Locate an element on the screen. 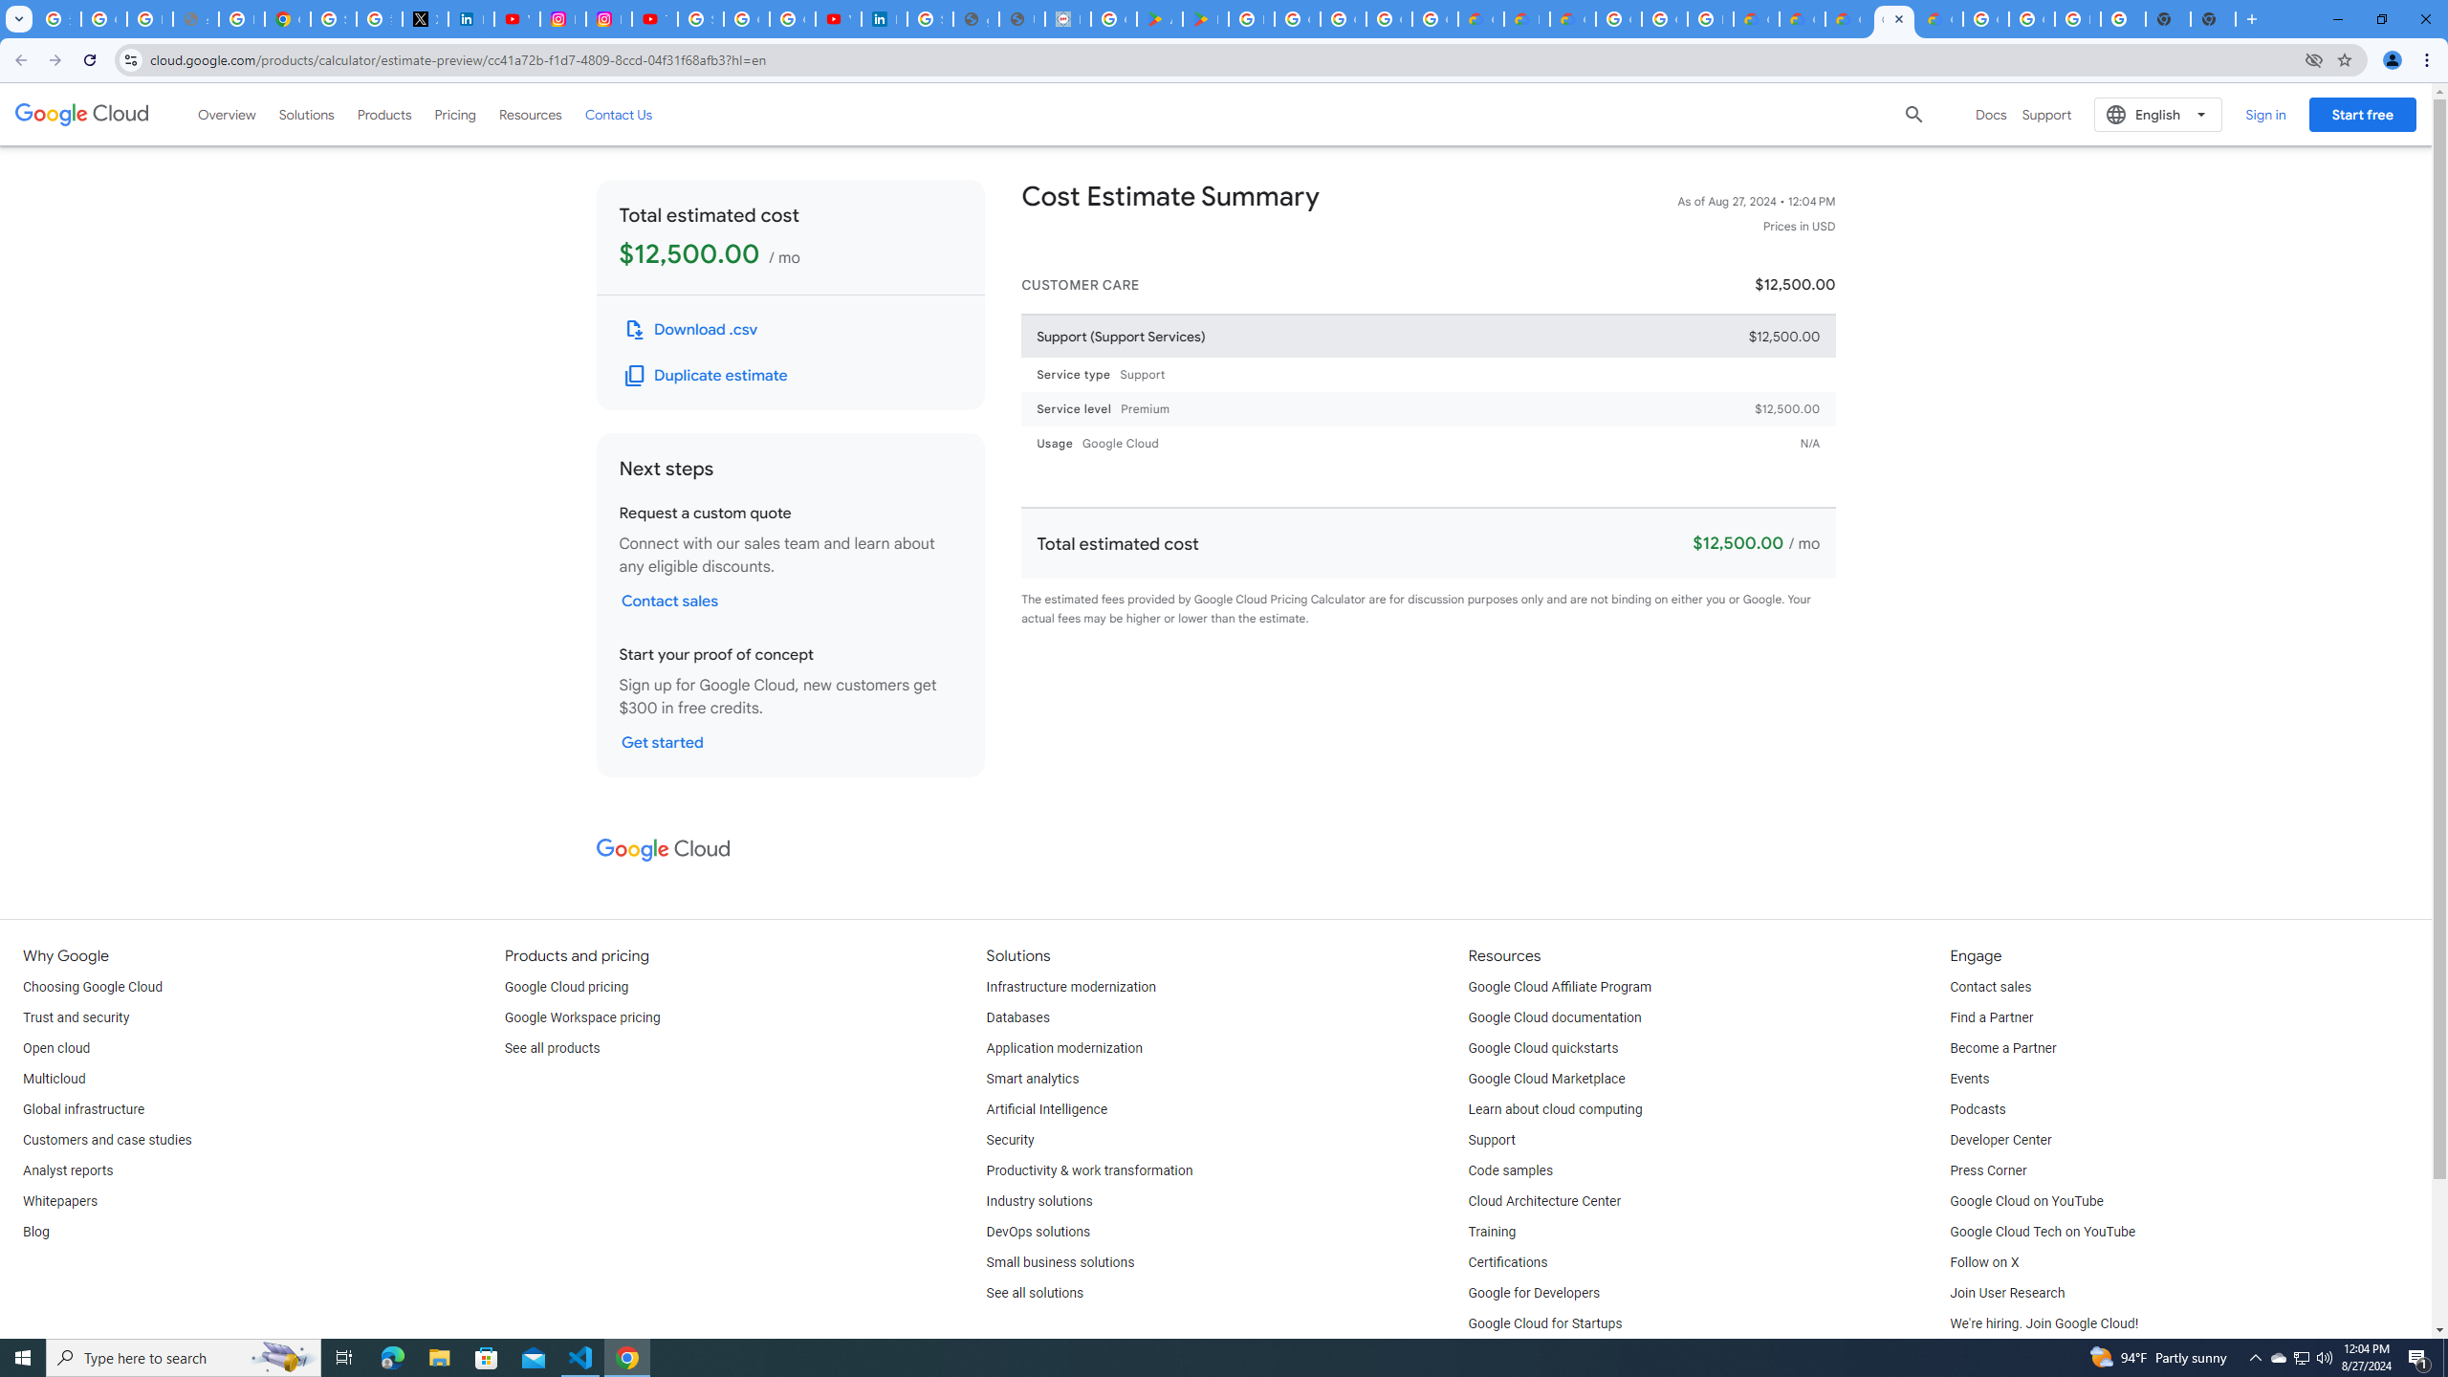  'Press Corner' is located at coordinates (1987, 1171).